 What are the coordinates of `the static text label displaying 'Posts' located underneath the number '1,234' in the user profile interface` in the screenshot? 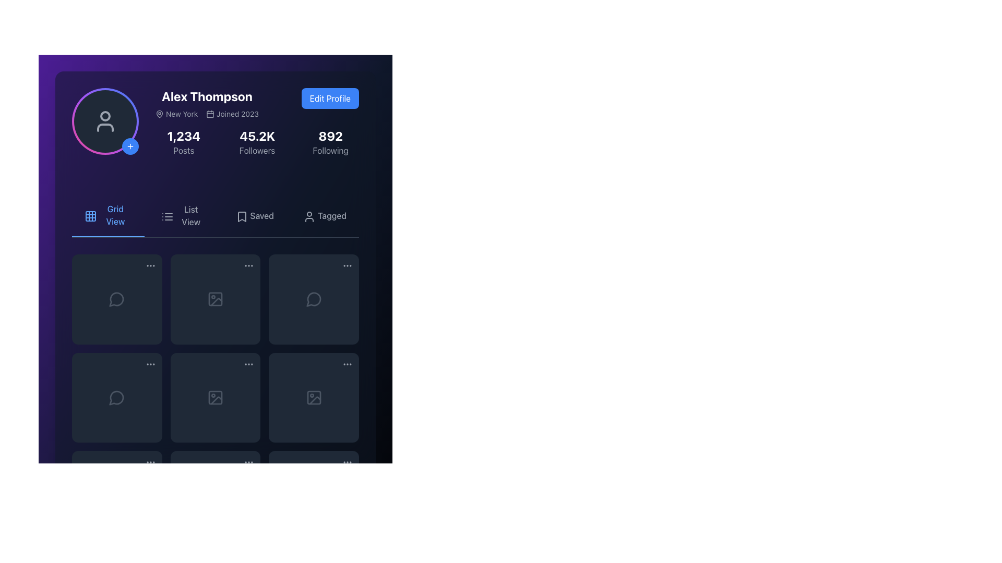 It's located at (184, 151).